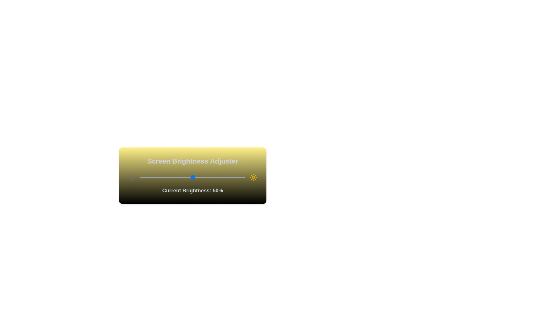 The height and width of the screenshot is (311, 553). I want to click on the brightness slider to 50%, so click(192, 177).